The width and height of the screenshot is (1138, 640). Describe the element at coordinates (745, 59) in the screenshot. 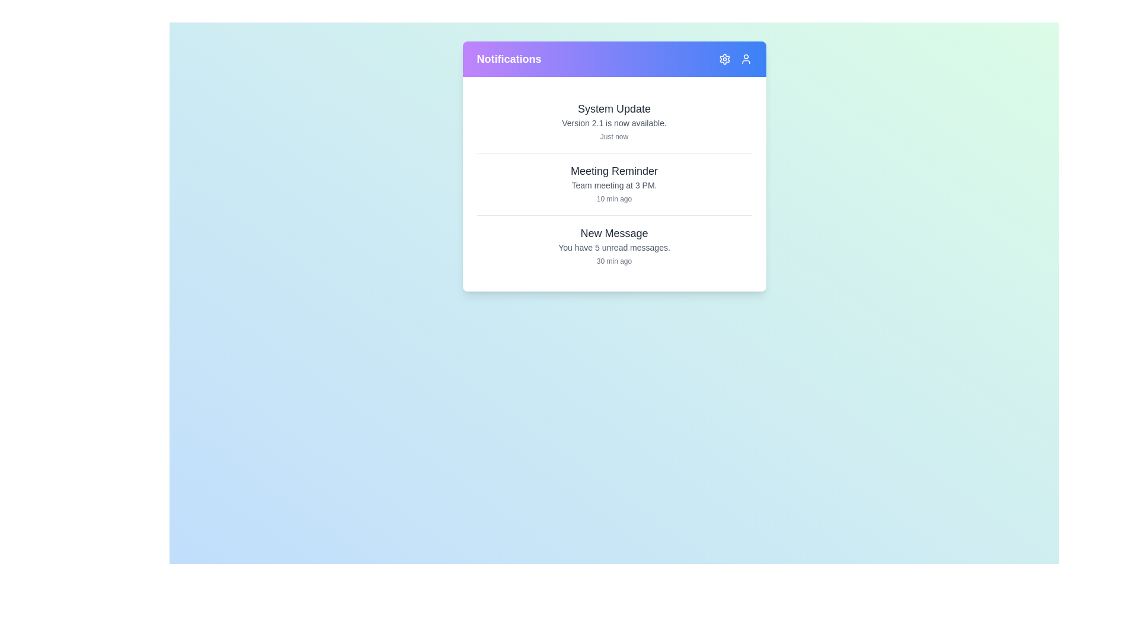

I see `the user profile icon to view the user profile` at that location.